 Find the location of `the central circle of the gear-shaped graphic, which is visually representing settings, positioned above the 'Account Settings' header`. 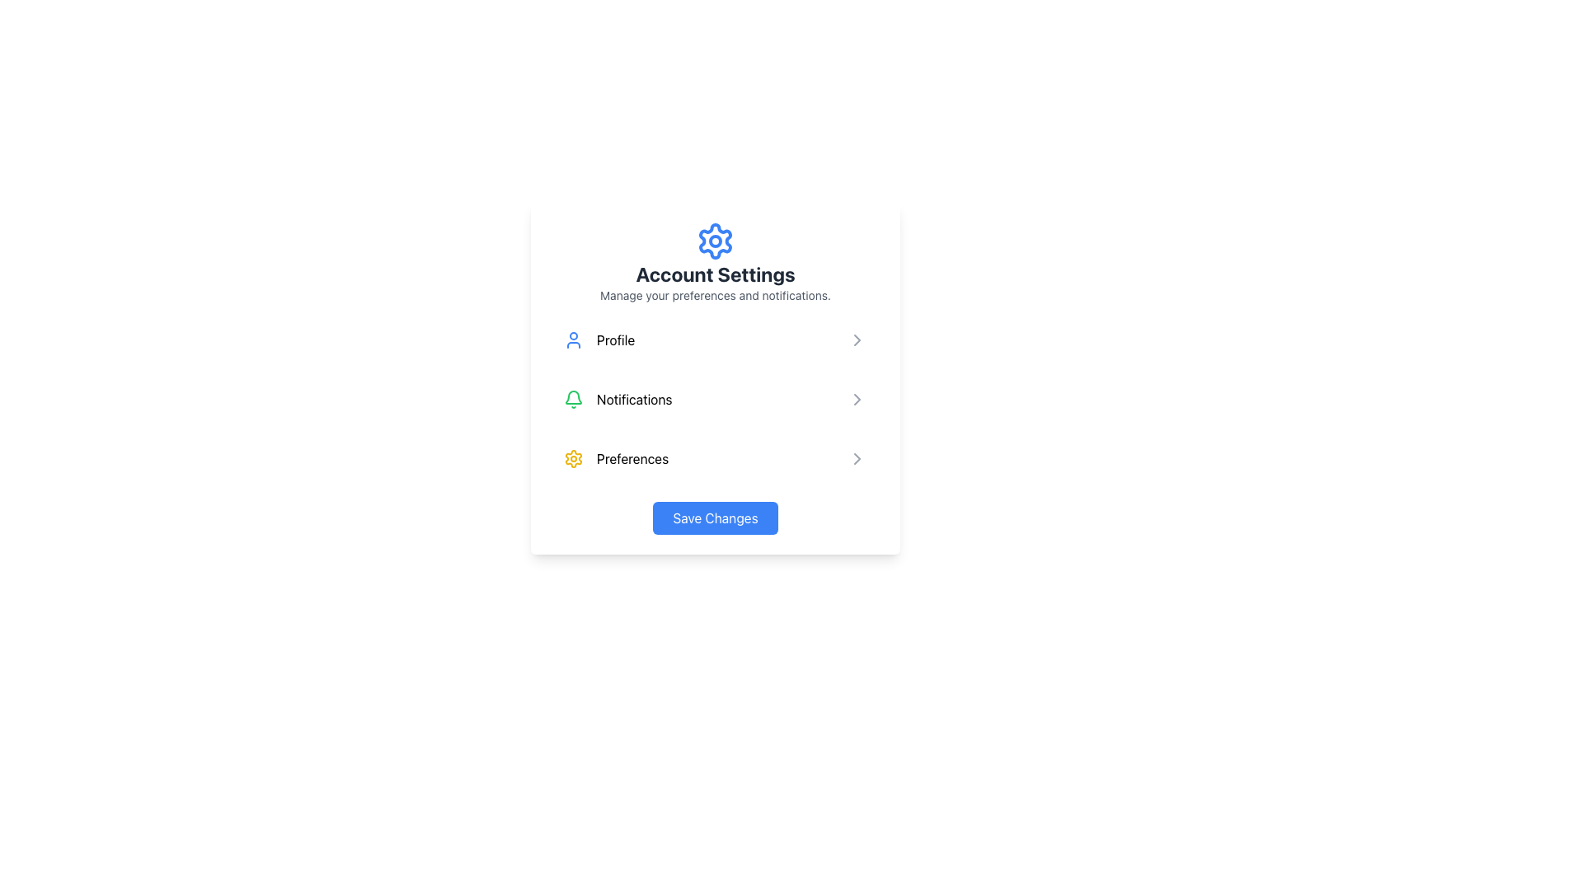

the central circle of the gear-shaped graphic, which is visually representing settings, positioned above the 'Account Settings' header is located at coordinates (716, 241).